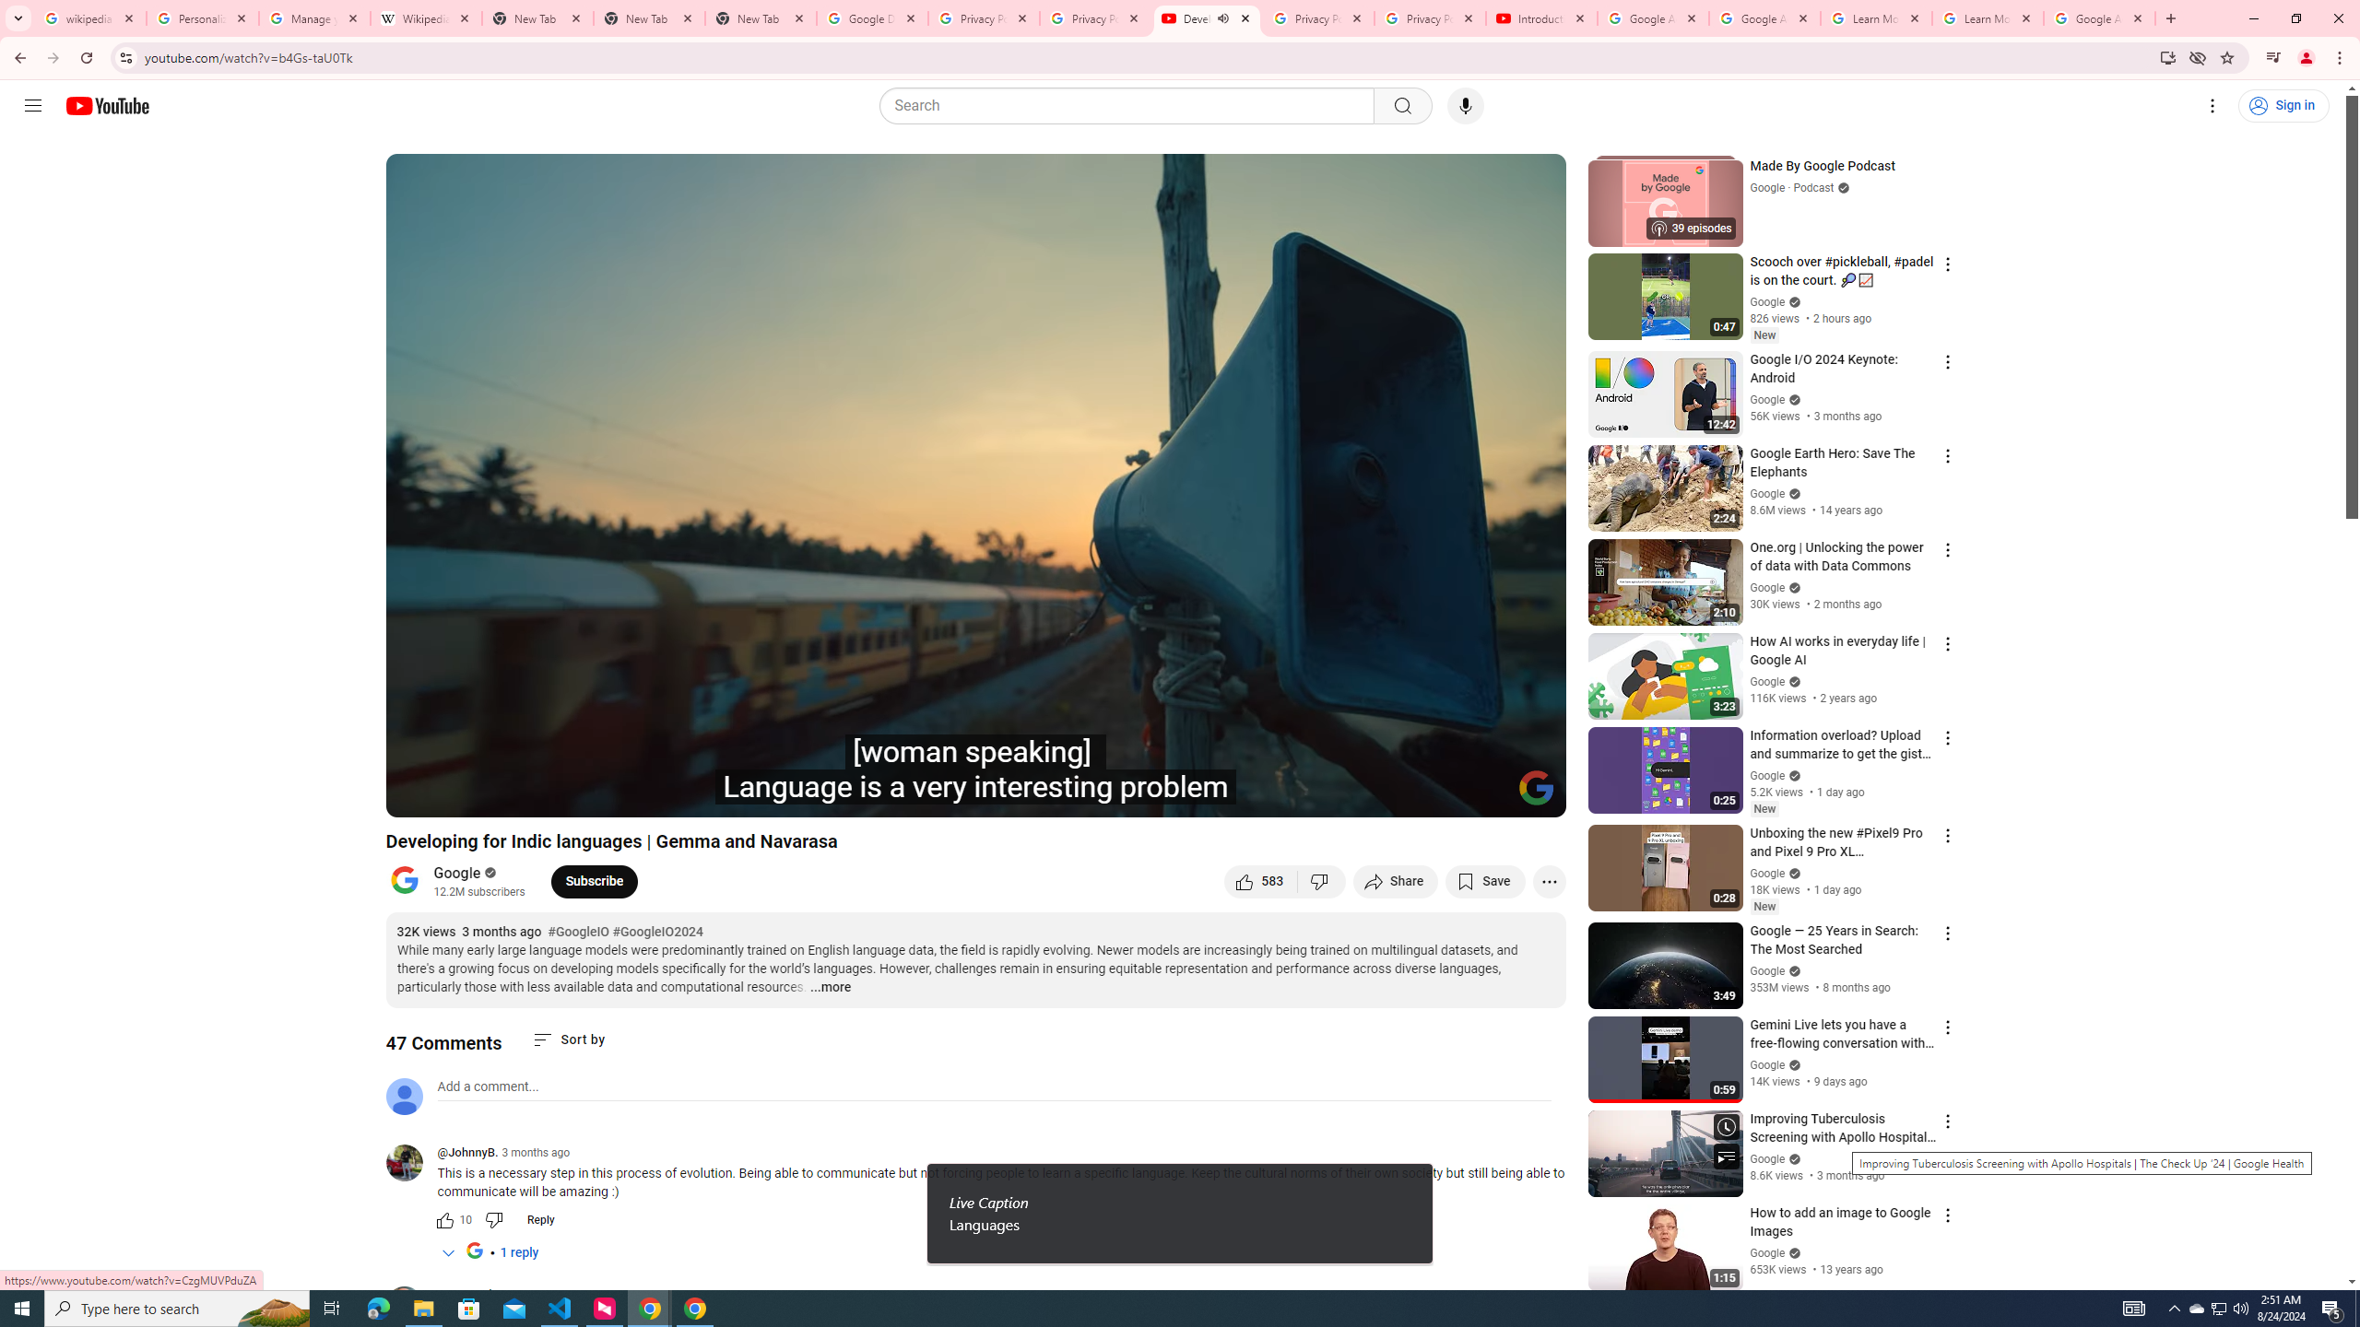 The image size is (2360, 1327). Describe the element at coordinates (1484, 880) in the screenshot. I see `'Save to playlist'` at that location.